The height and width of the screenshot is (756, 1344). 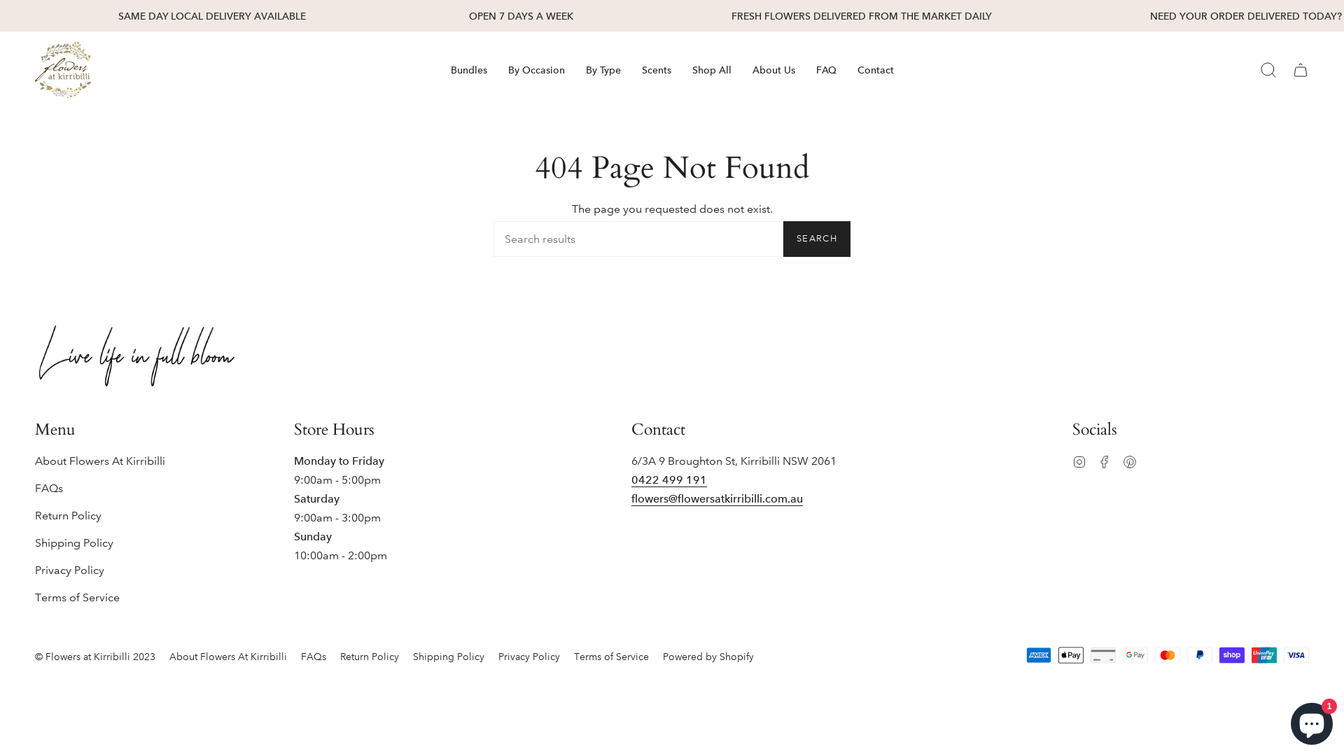 I want to click on 'Return Policy', so click(x=370, y=656).